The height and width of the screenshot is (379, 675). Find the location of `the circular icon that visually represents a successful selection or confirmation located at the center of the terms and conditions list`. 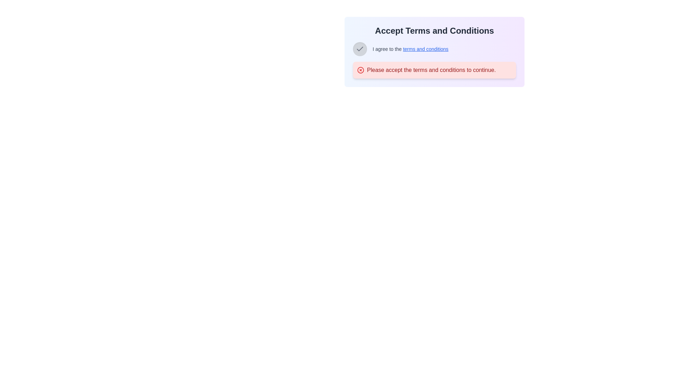

the circular icon that visually represents a successful selection or confirmation located at the center of the terms and conditions list is located at coordinates (360, 48).